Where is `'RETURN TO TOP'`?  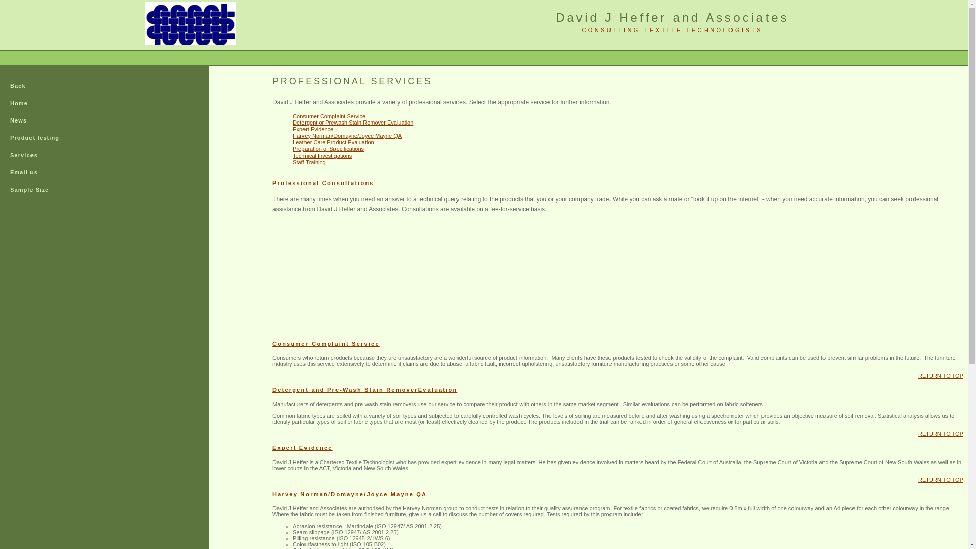
'RETURN TO TOP' is located at coordinates (940, 376).